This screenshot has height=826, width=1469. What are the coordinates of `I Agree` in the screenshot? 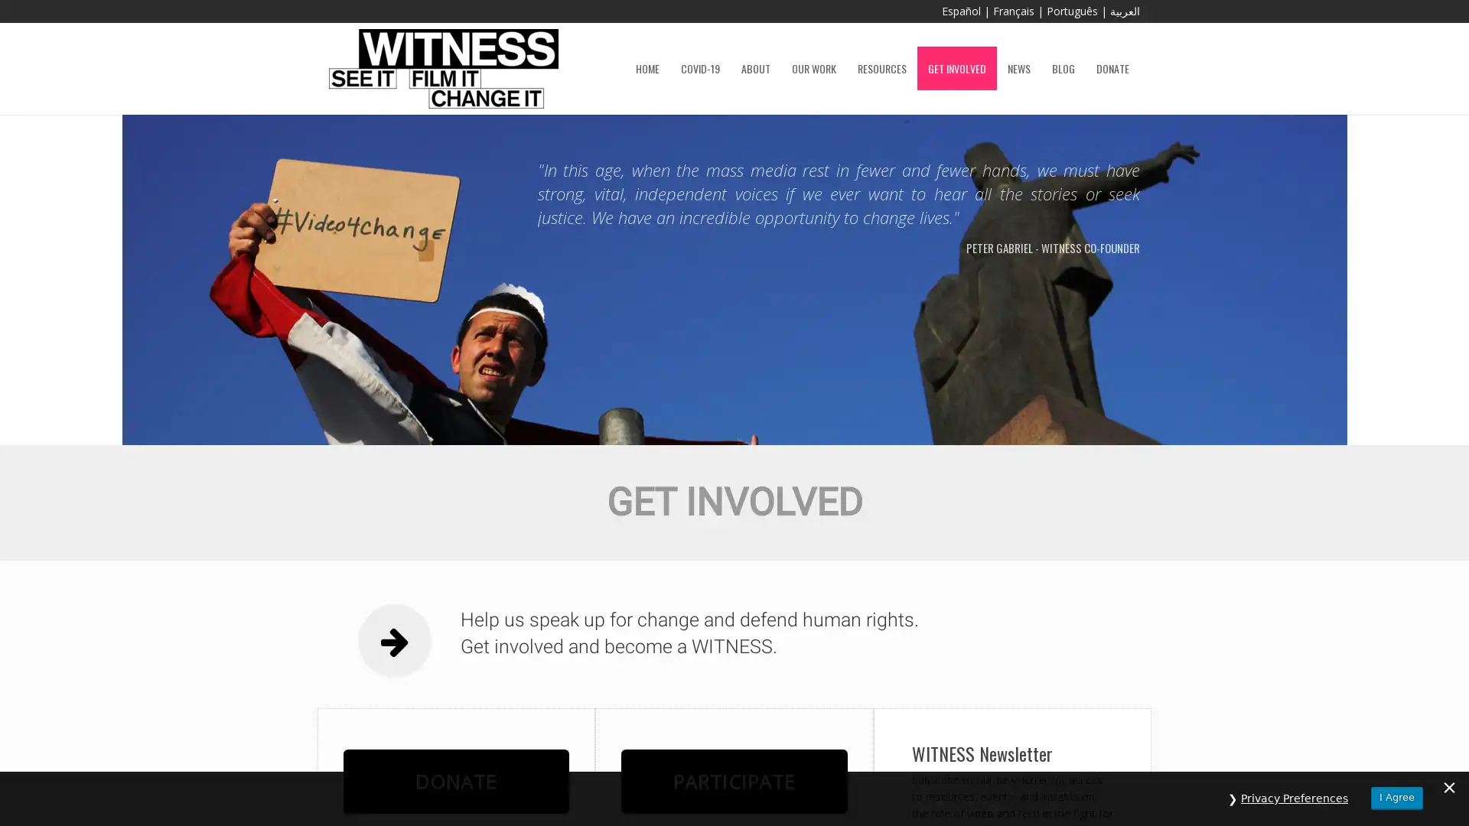 It's located at (1396, 797).